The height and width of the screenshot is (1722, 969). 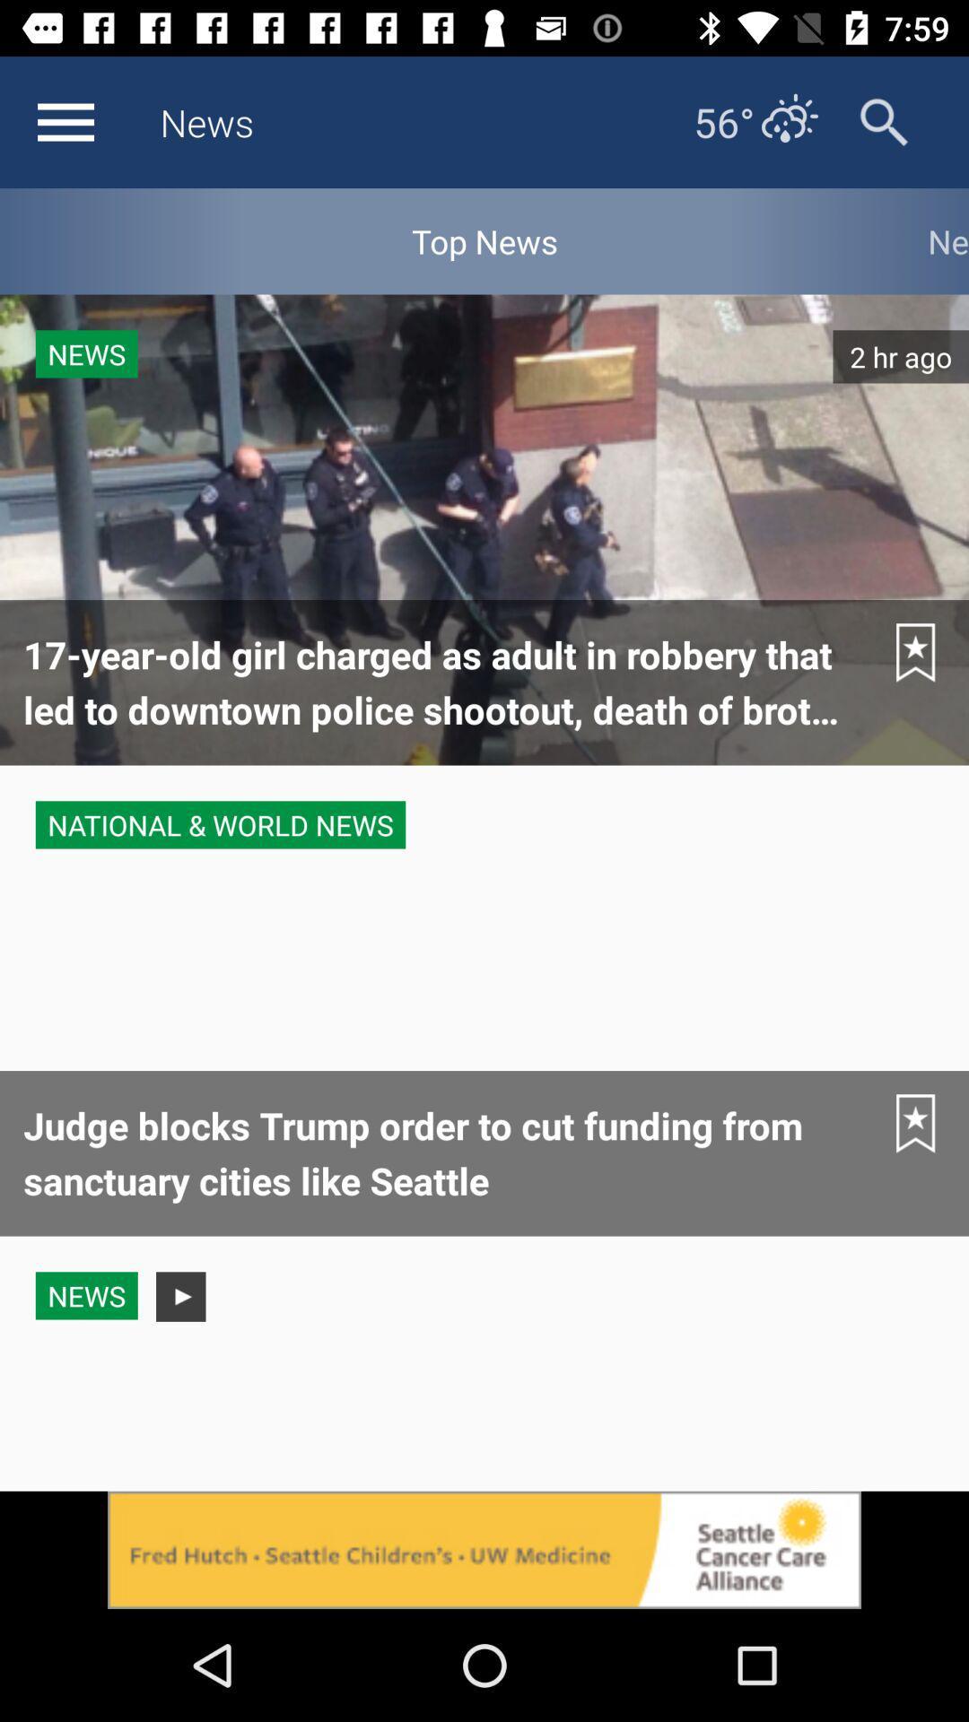 I want to click on the menu icon, so click(x=65, y=121).